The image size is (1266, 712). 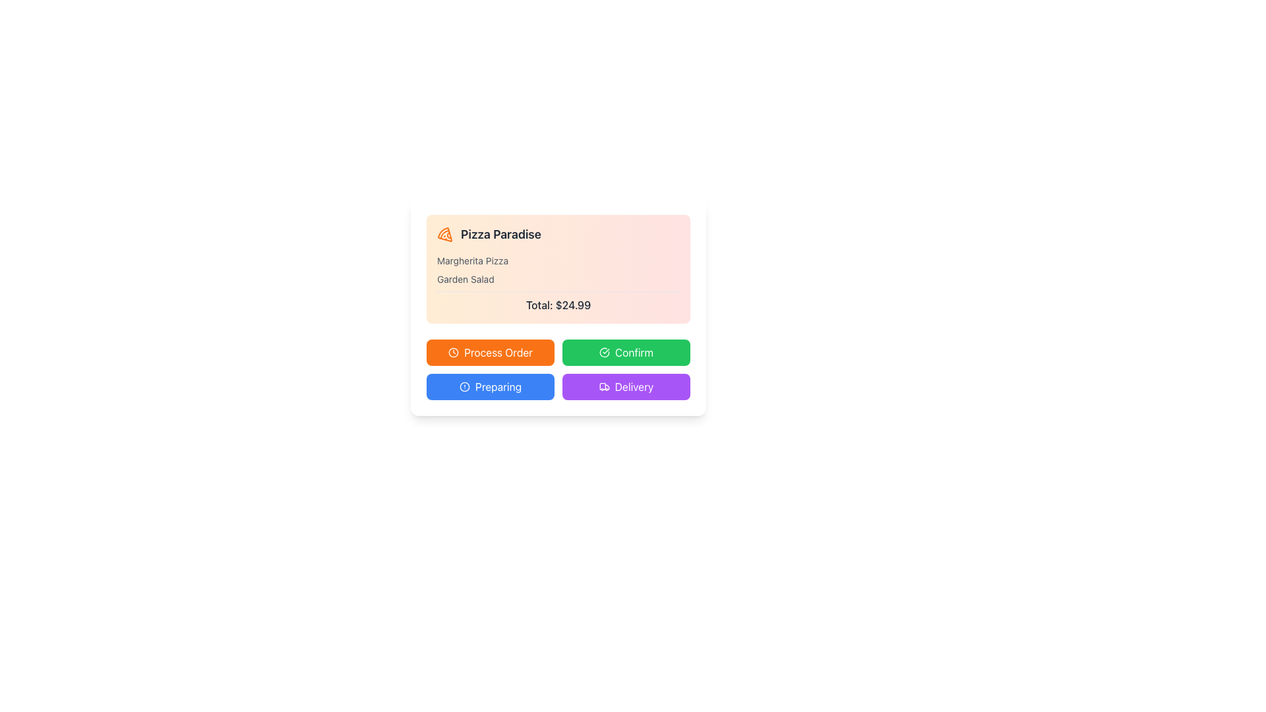 I want to click on the total cost Text Display located at the bottom of the item list, which summarizes the prices of 'Margherita Pizza' and 'Garden Salad.', so click(x=558, y=302).